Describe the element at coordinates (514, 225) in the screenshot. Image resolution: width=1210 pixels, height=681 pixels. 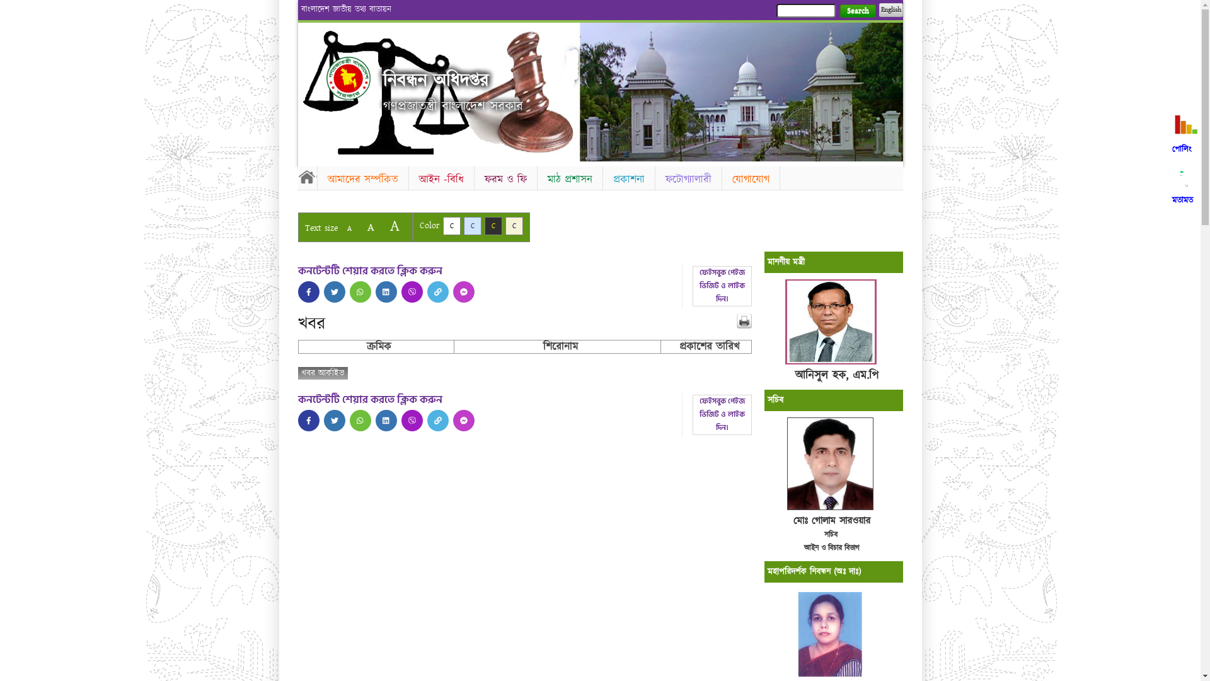
I see `'C'` at that location.